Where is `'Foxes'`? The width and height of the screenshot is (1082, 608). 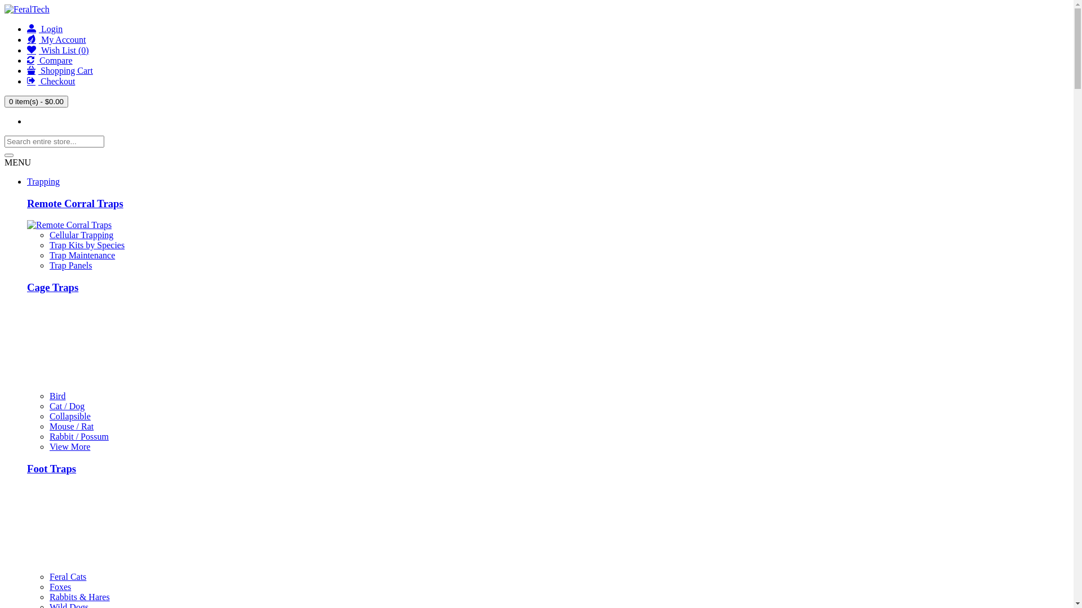
'Foxes' is located at coordinates (59, 586).